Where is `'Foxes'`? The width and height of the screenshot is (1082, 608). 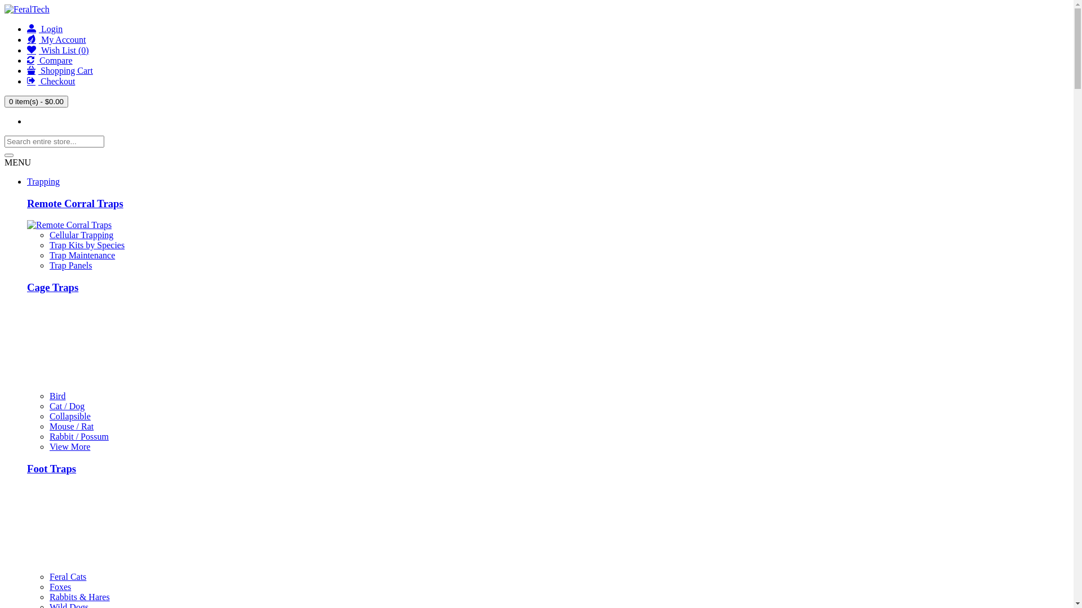
'Foxes' is located at coordinates (59, 586).